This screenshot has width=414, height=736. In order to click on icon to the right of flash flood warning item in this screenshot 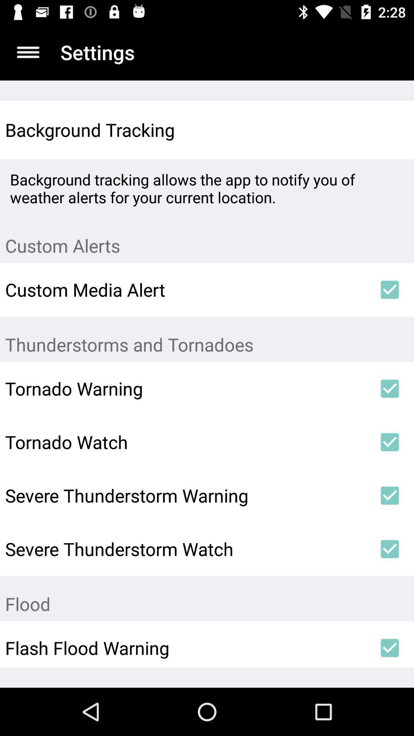, I will do `click(390, 647)`.